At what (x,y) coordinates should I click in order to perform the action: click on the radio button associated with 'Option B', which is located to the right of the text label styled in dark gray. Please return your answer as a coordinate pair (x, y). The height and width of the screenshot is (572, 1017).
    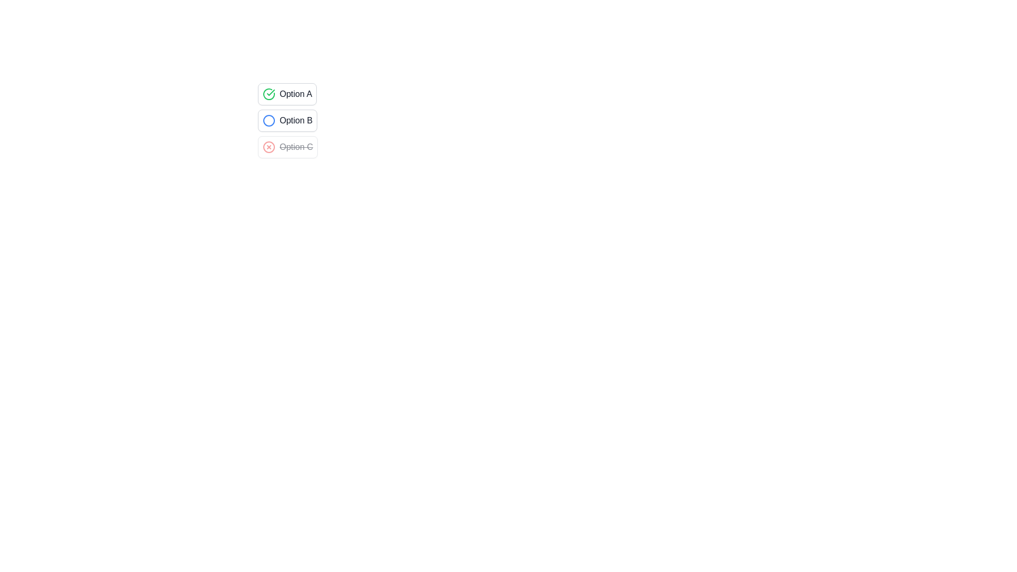
    Looking at the image, I should click on (296, 120).